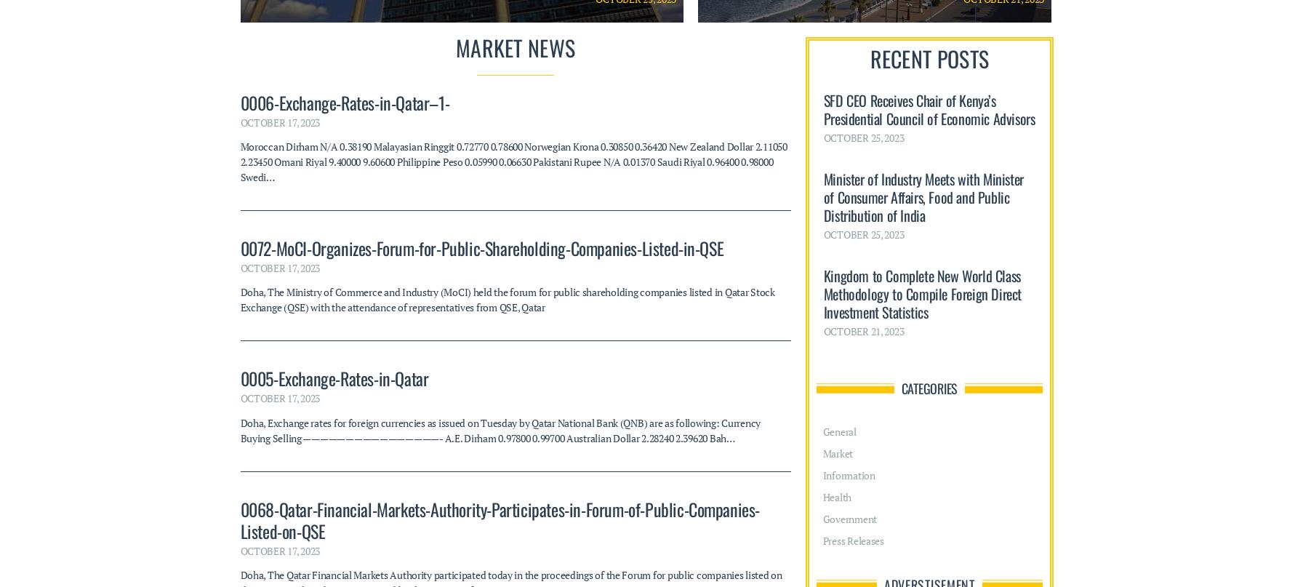  Describe the element at coordinates (837, 212) in the screenshot. I see `'Health'` at that location.